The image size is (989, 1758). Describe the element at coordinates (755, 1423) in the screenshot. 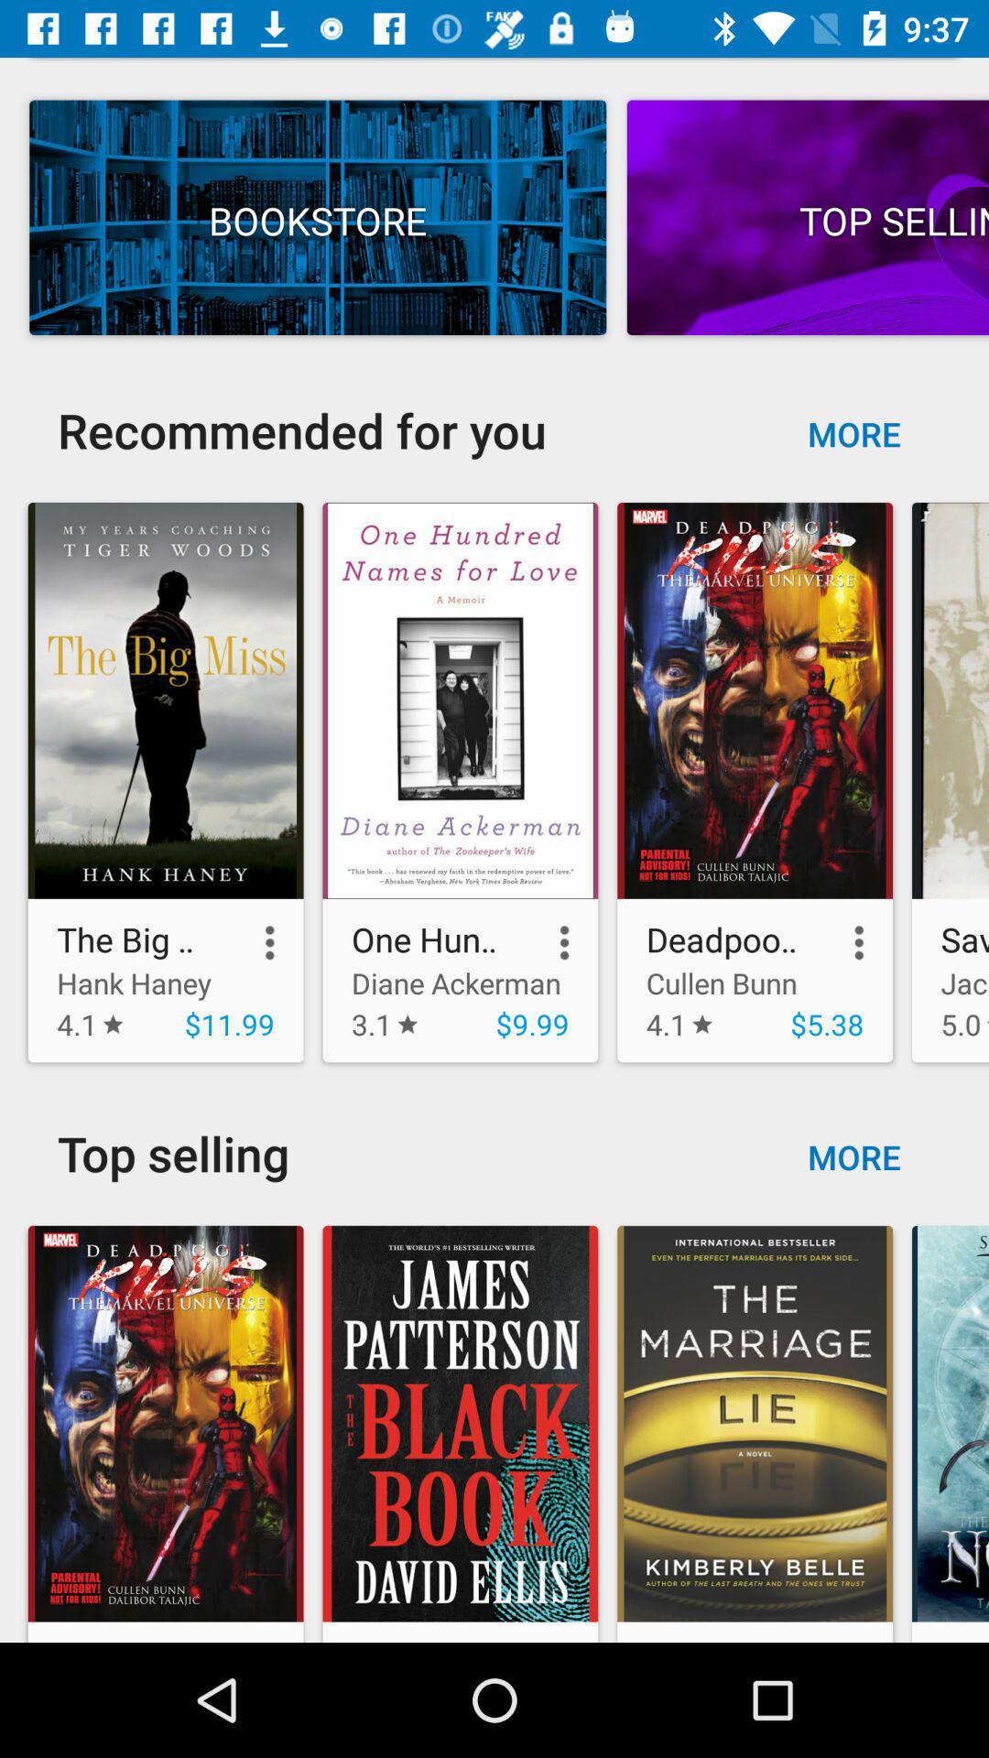

I see `third image under top selling at bottom` at that location.